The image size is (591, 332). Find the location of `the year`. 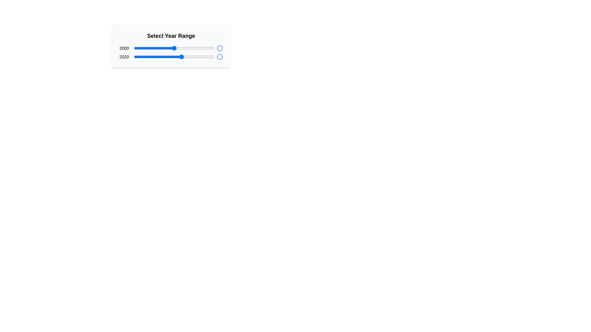

the year is located at coordinates (147, 48).